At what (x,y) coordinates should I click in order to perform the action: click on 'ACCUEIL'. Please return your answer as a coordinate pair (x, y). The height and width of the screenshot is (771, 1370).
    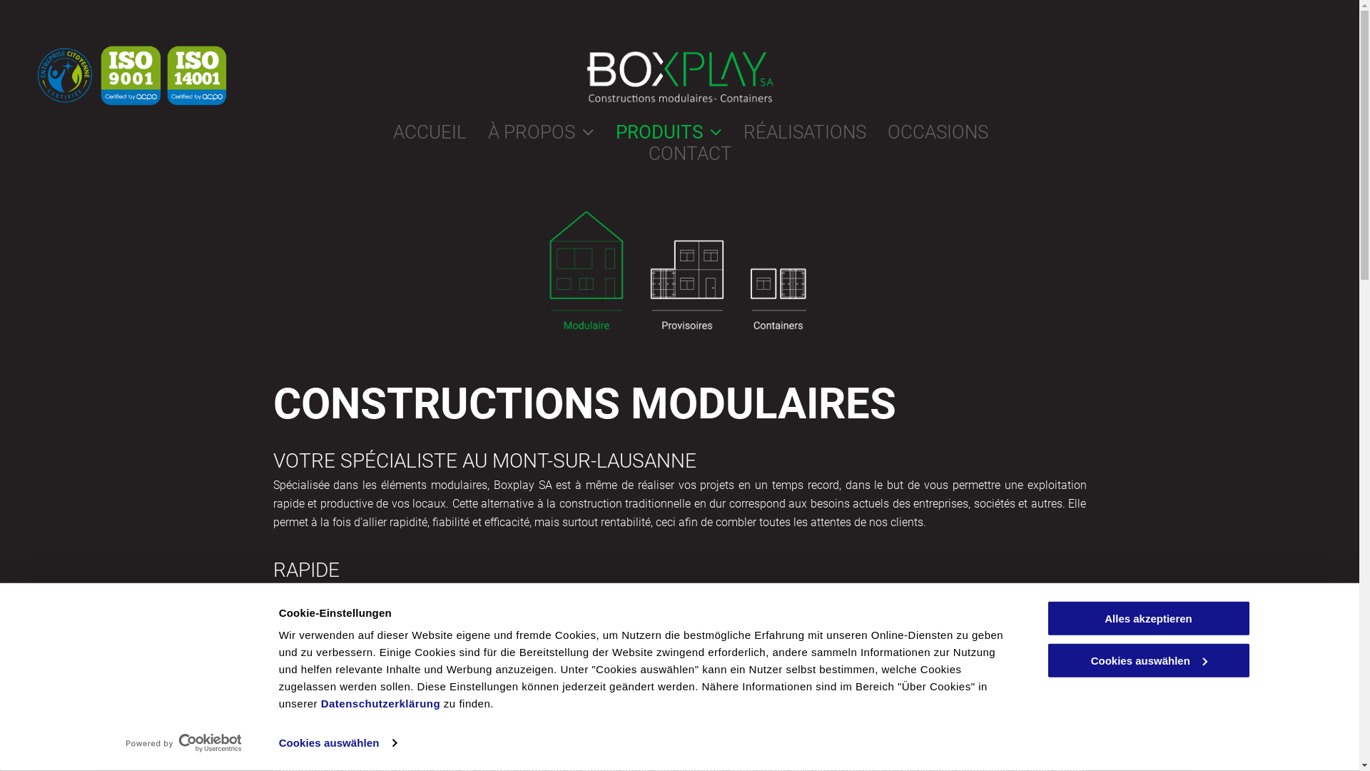
    Looking at the image, I should click on (417, 132).